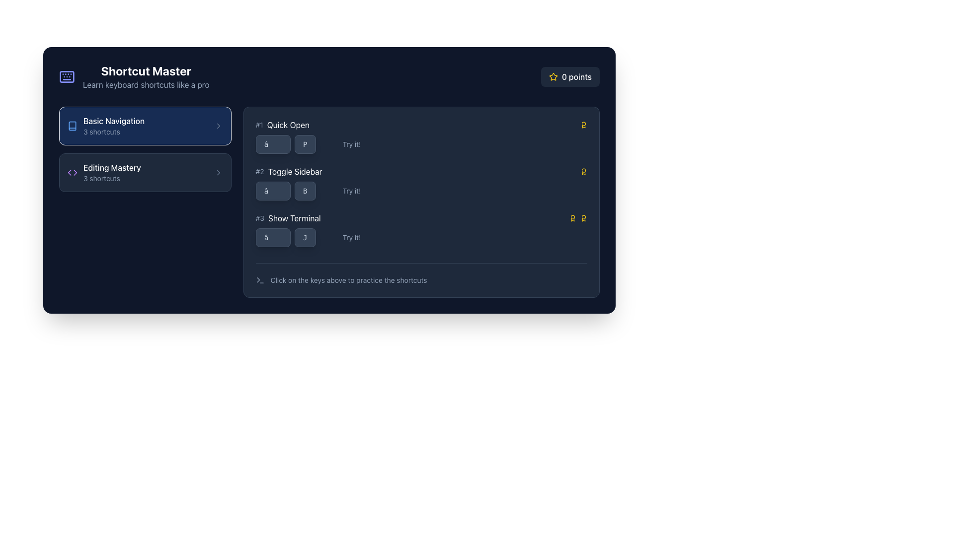 This screenshot has height=536, width=954. What do you see at coordinates (260, 280) in the screenshot?
I see `the small terminal icon located in the bottom section of the right panel, before the text 'Click on the keys above to practice the shortcuts'` at bounding box center [260, 280].